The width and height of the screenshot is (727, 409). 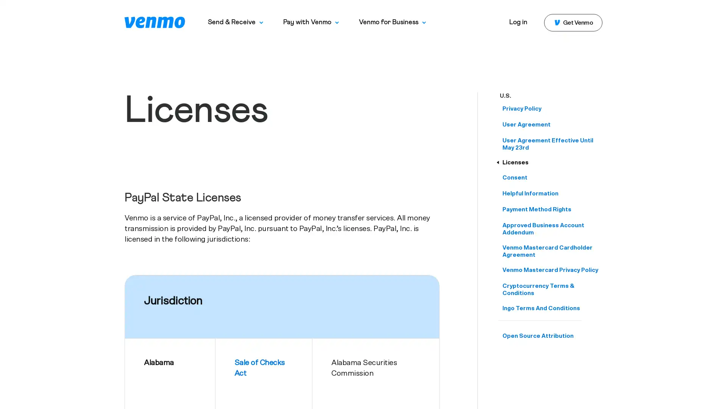 I want to click on Terms tab name - User Agreement Effective Until May 23rd, so click(x=552, y=144).